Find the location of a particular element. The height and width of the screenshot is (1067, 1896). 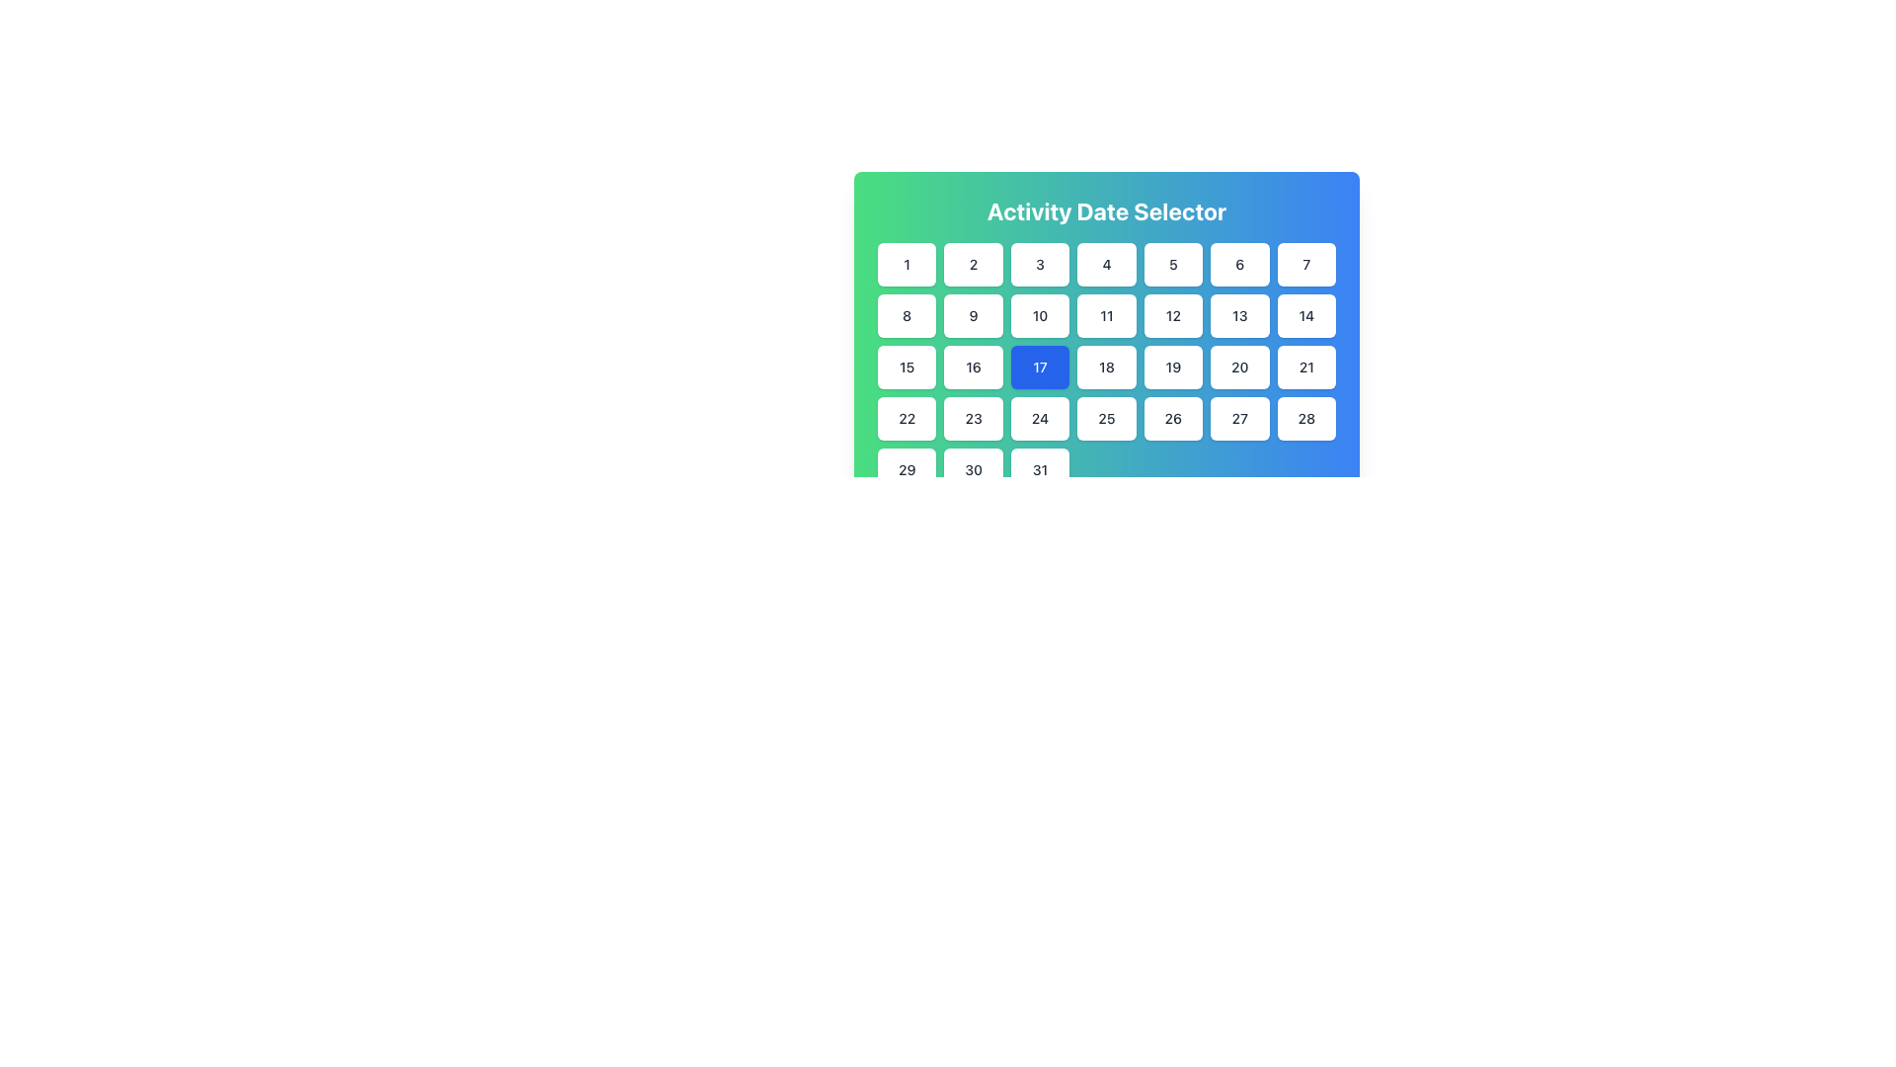

the button that allows the user is located at coordinates (1039, 315).